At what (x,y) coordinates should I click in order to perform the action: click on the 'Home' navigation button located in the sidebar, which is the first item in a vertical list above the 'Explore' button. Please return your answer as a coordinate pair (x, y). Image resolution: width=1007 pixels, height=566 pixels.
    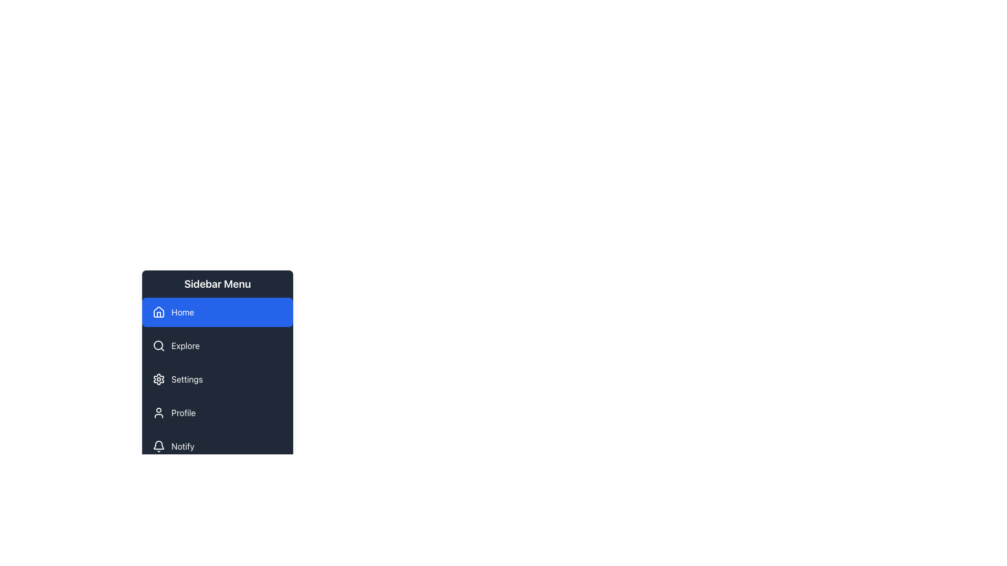
    Looking at the image, I should click on (217, 312).